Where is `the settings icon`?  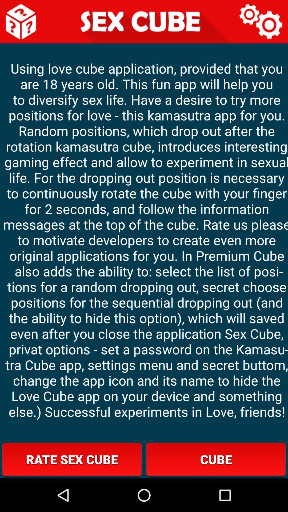 the settings icon is located at coordinates (261, 23).